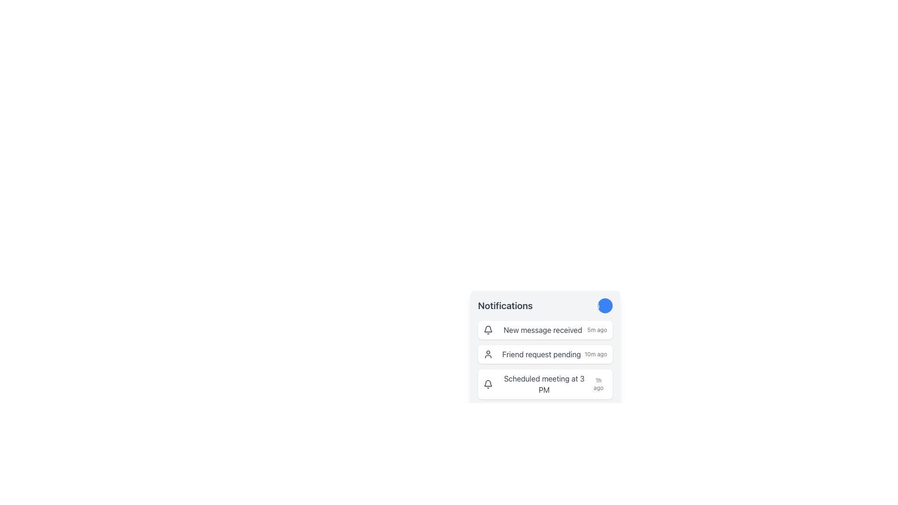  Describe the element at coordinates (487, 384) in the screenshot. I see `the bell icon located to the left of the text 'Scheduled meeting at 3 PM' in the third notification of the Notifications panel` at that location.